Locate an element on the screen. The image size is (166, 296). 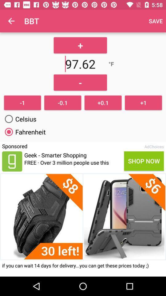
sponsored advertisement is located at coordinates (12, 161).